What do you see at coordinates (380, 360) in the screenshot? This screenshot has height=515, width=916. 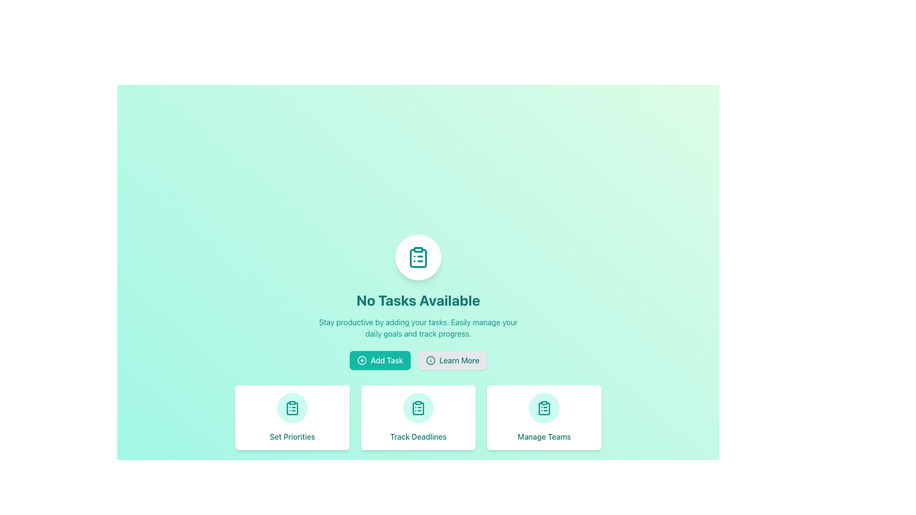 I see `the button labeled 'Add Task' located under the header 'No Tasks Available', which is the first button in a horizontal group of two buttons` at bounding box center [380, 360].